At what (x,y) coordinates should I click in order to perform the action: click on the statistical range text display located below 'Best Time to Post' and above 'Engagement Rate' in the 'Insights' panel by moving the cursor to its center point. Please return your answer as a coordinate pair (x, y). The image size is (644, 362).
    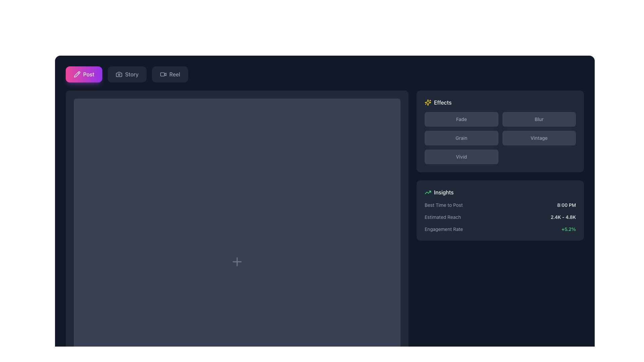
    Looking at the image, I should click on (500, 217).